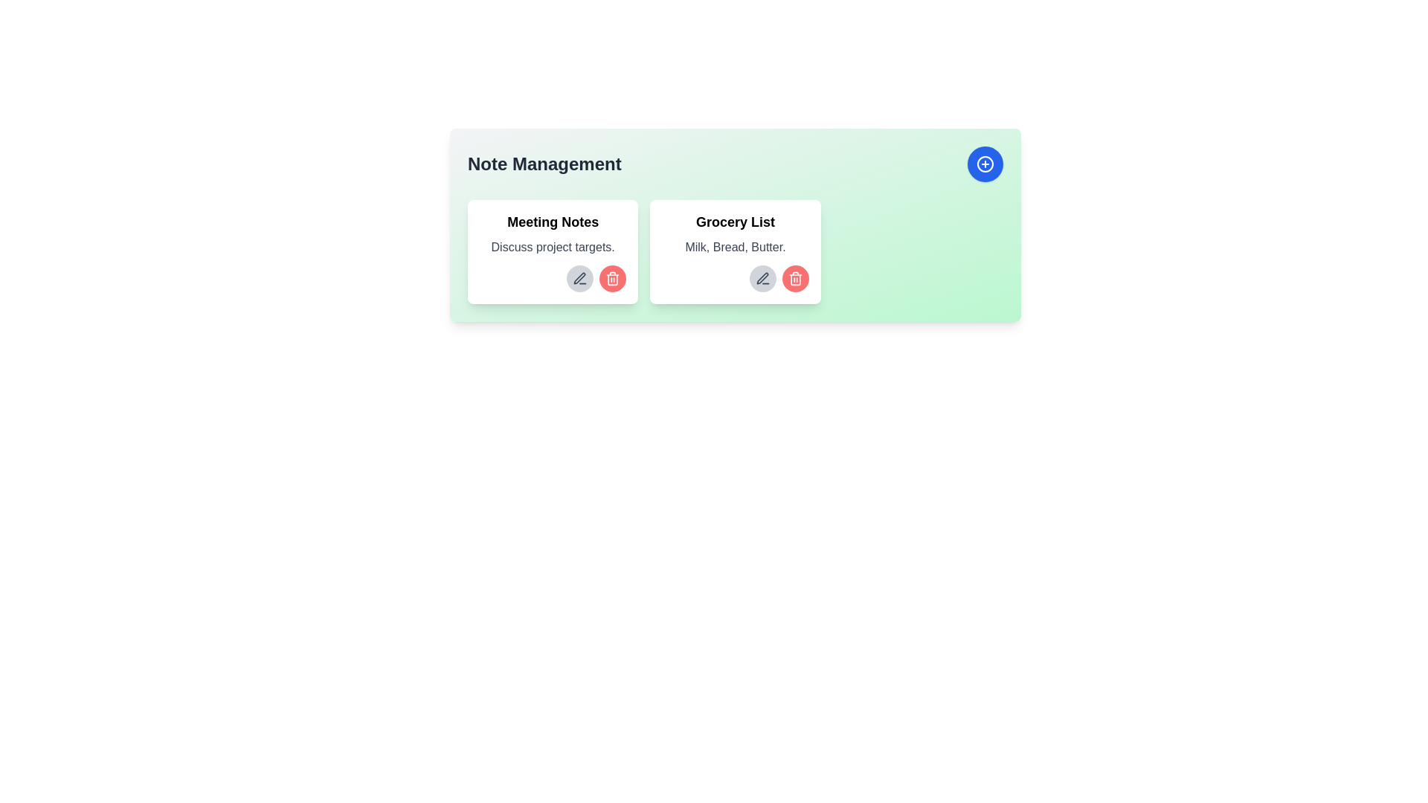 The height and width of the screenshot is (803, 1428). Describe the element at coordinates (985, 164) in the screenshot. I see `the action button located in the top-right corner of the green panel labeled 'Note Management' to observe potential hover effects` at that location.